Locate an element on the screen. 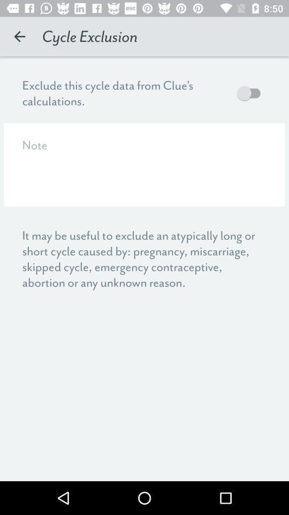  exclude cycle data from calculations option is located at coordinates (251, 92).